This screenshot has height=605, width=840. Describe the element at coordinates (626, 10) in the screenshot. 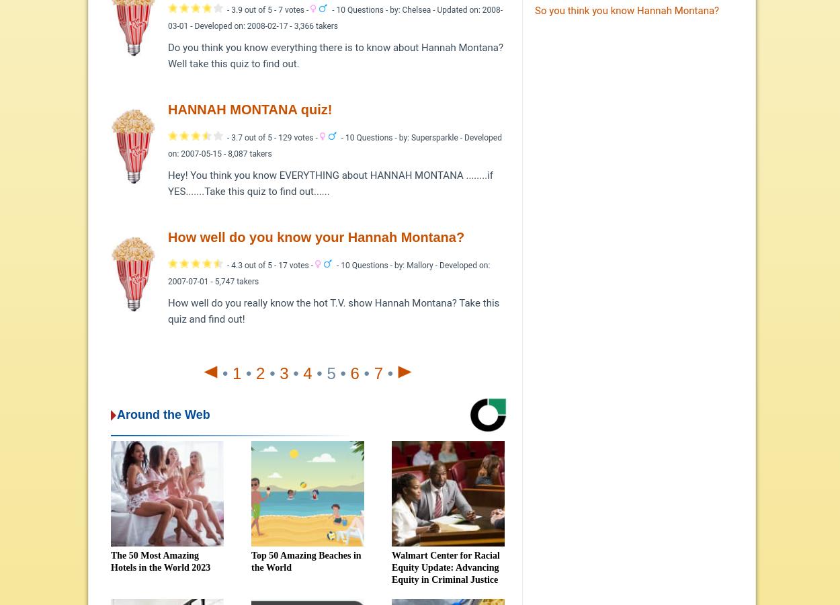

I see `'So you think you know Hannah Montana?'` at that location.